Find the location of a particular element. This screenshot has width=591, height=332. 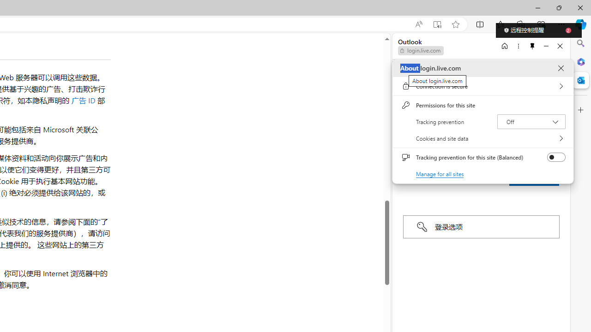

'Cookies and site data' is located at coordinates (482, 138).